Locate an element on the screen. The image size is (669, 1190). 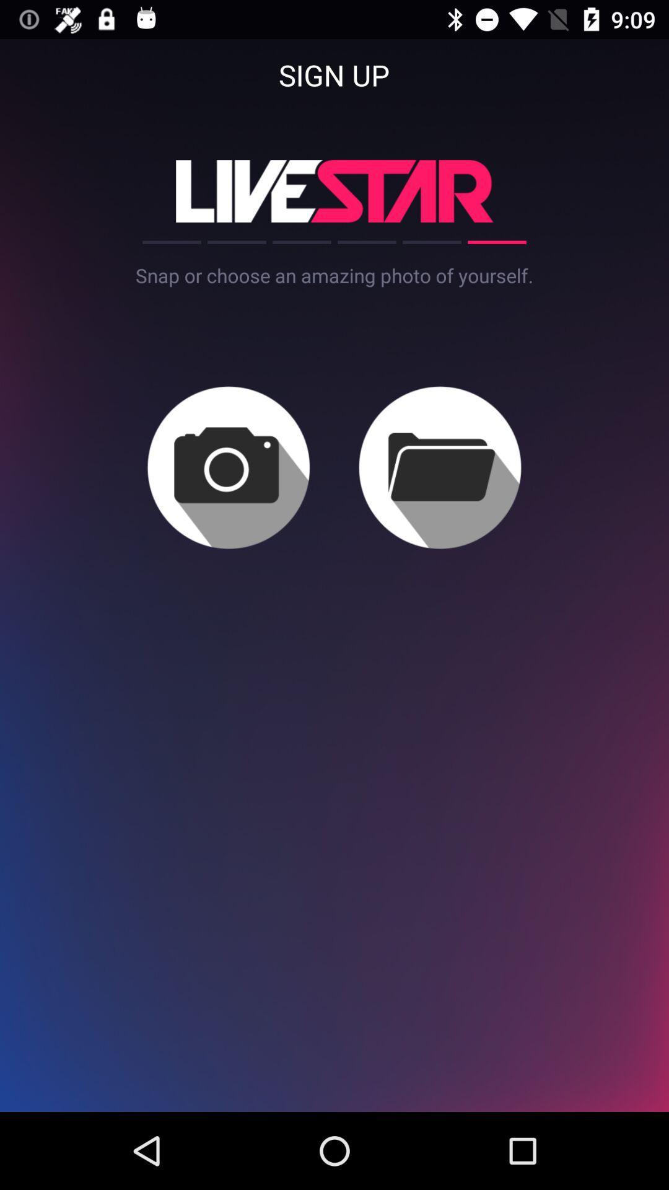
open images folder is located at coordinates (439, 467).